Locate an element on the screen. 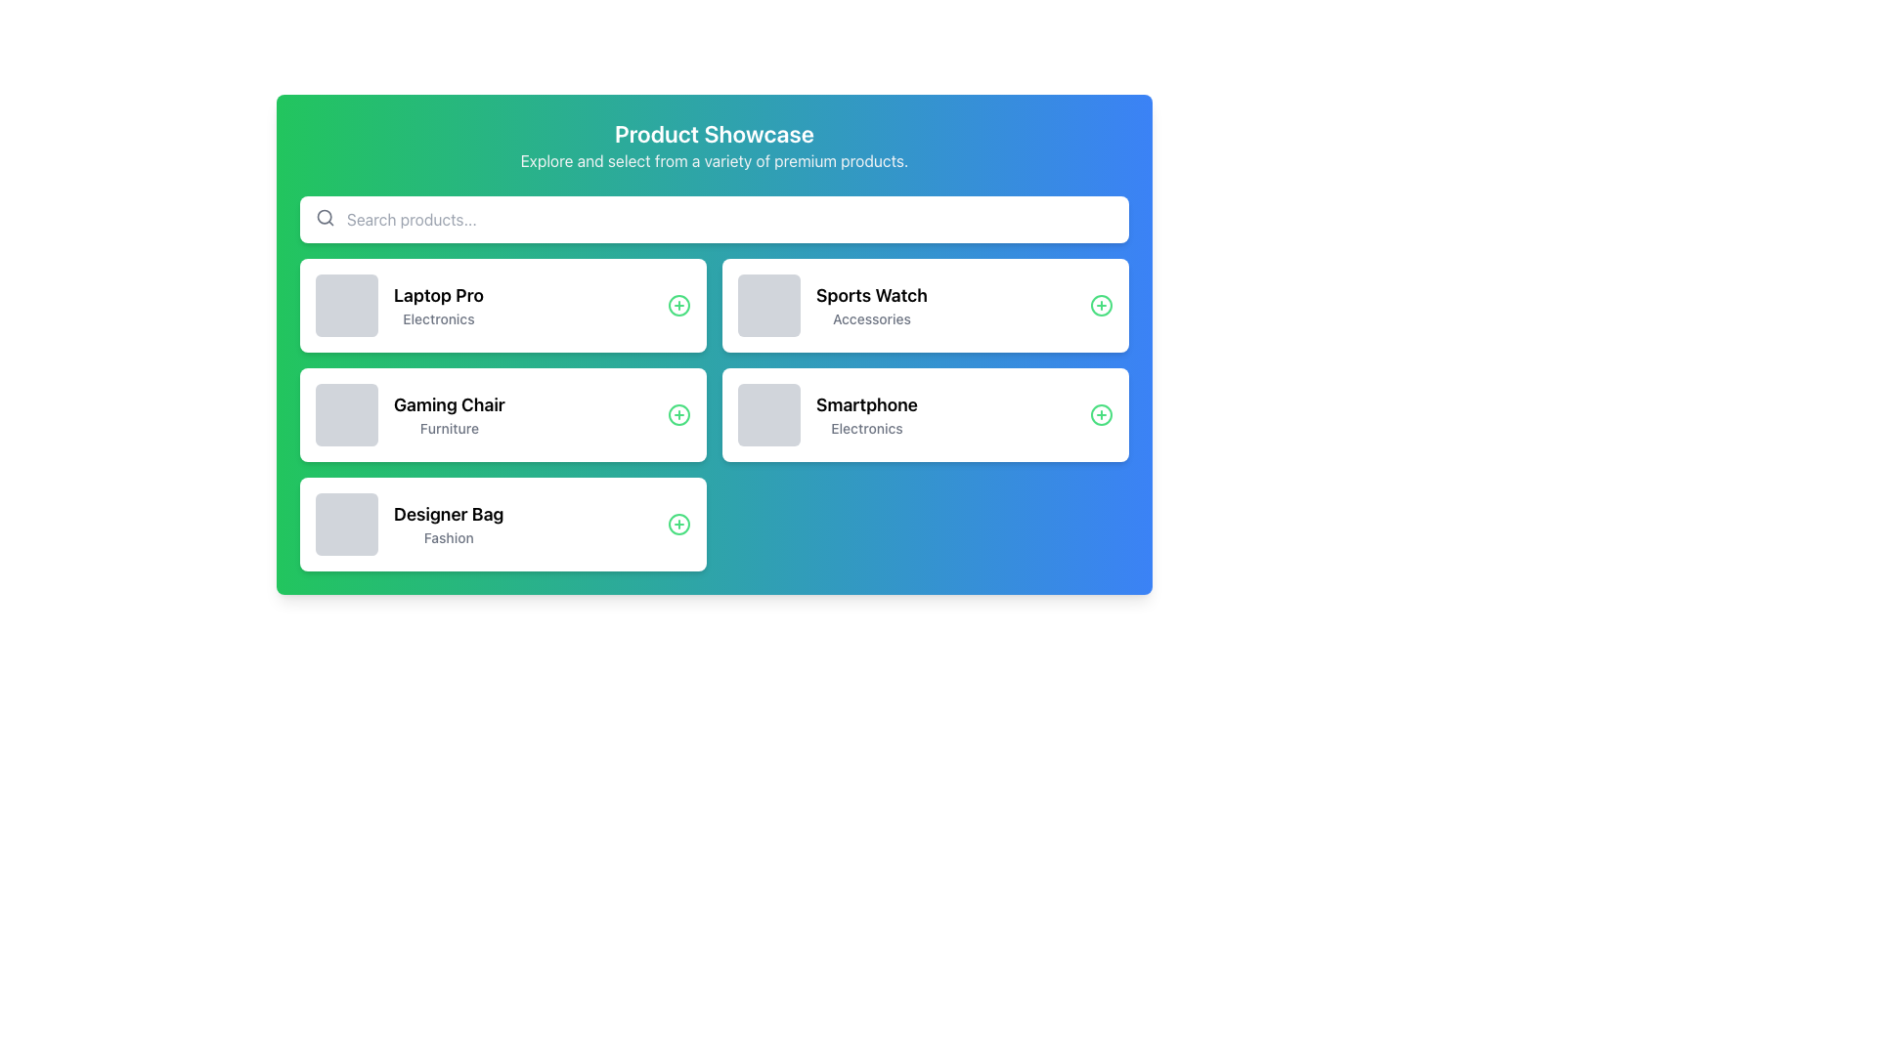 The image size is (1877, 1055). the text block labeled 'Smartphone' under the 'Electronics' category is located at coordinates (866, 413).